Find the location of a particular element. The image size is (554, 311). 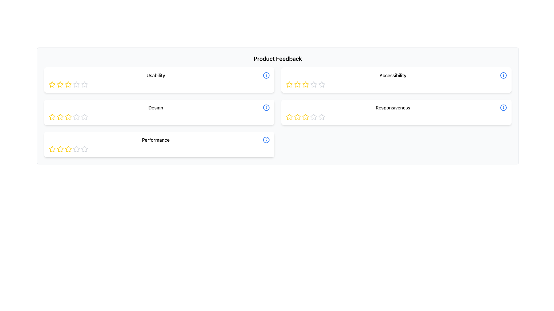

the first star icon in the five-star rating system for the 'Accessibility' feedback category is located at coordinates (289, 84).